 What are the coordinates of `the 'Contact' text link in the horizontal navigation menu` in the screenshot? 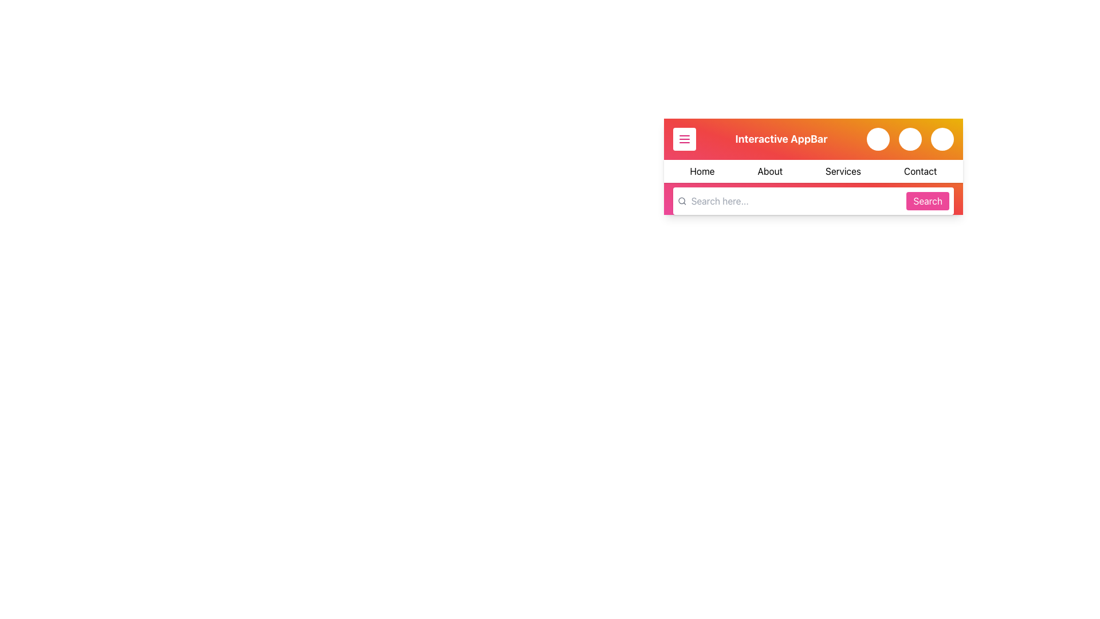 It's located at (920, 171).